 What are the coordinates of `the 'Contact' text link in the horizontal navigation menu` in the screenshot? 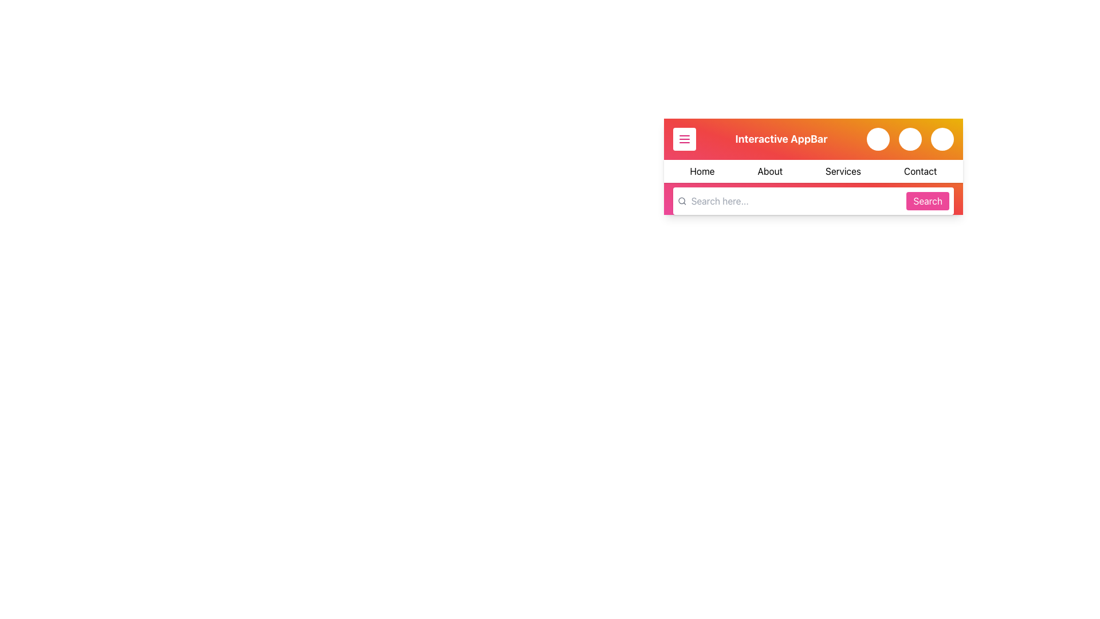 It's located at (920, 171).